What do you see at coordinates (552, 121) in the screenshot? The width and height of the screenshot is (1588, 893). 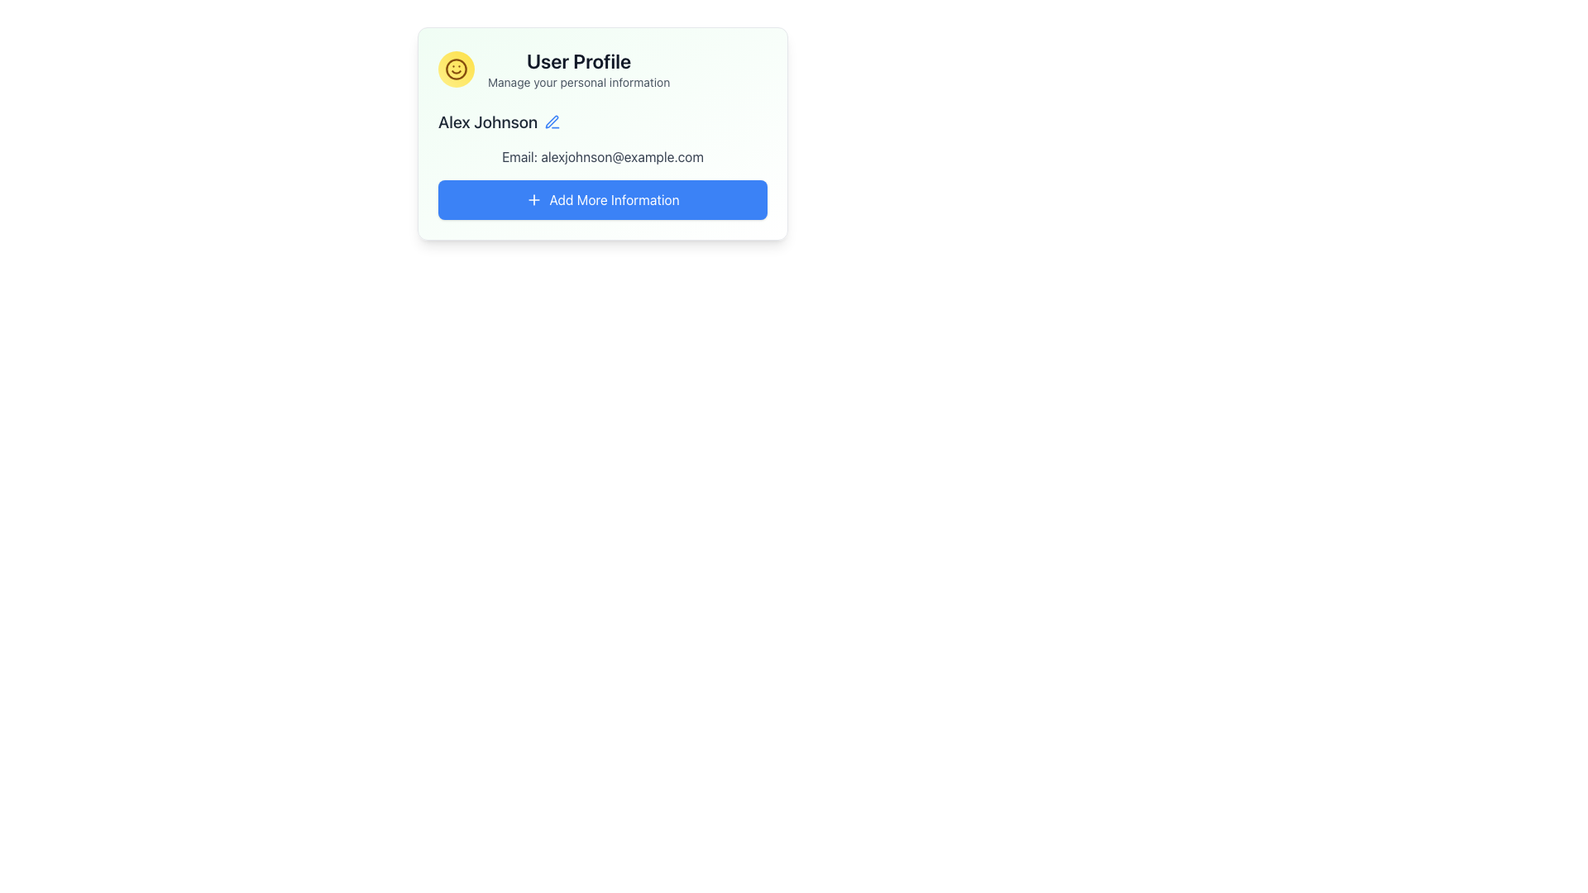 I see `the edit icon button located to the right of the user name 'Alex Johnson'` at bounding box center [552, 121].